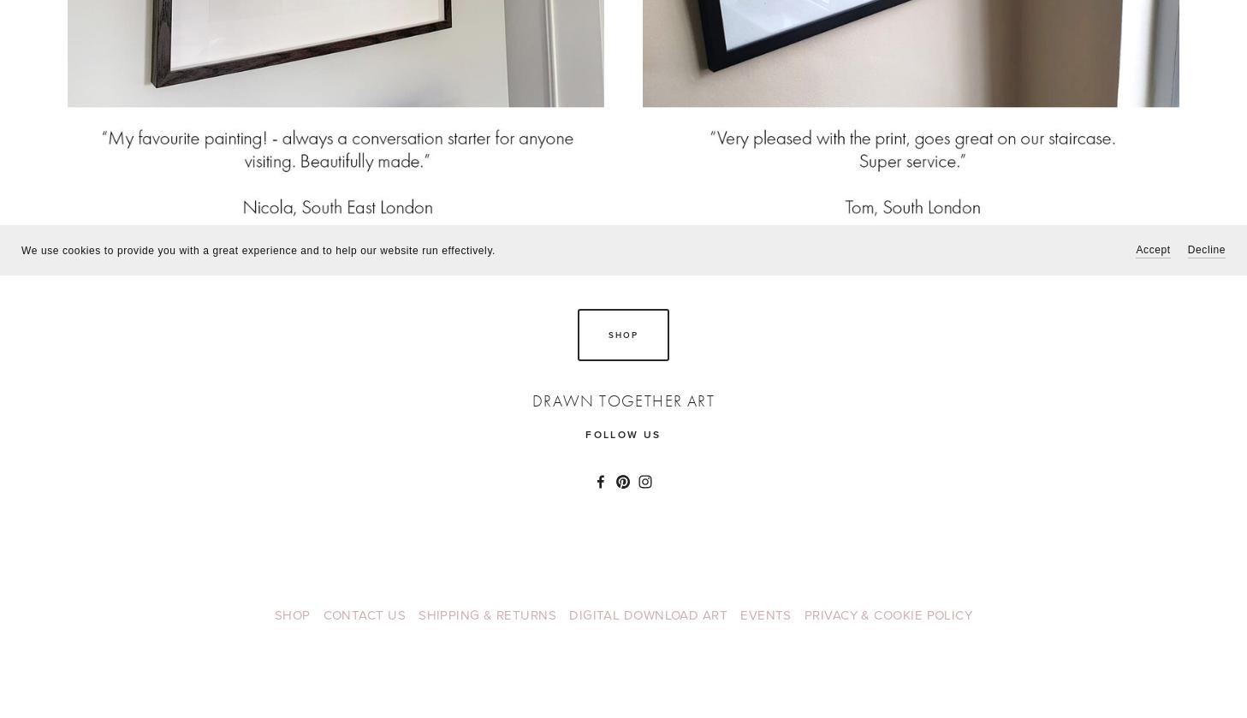  What do you see at coordinates (486, 614) in the screenshot?
I see `'Shipping & Returns'` at bounding box center [486, 614].